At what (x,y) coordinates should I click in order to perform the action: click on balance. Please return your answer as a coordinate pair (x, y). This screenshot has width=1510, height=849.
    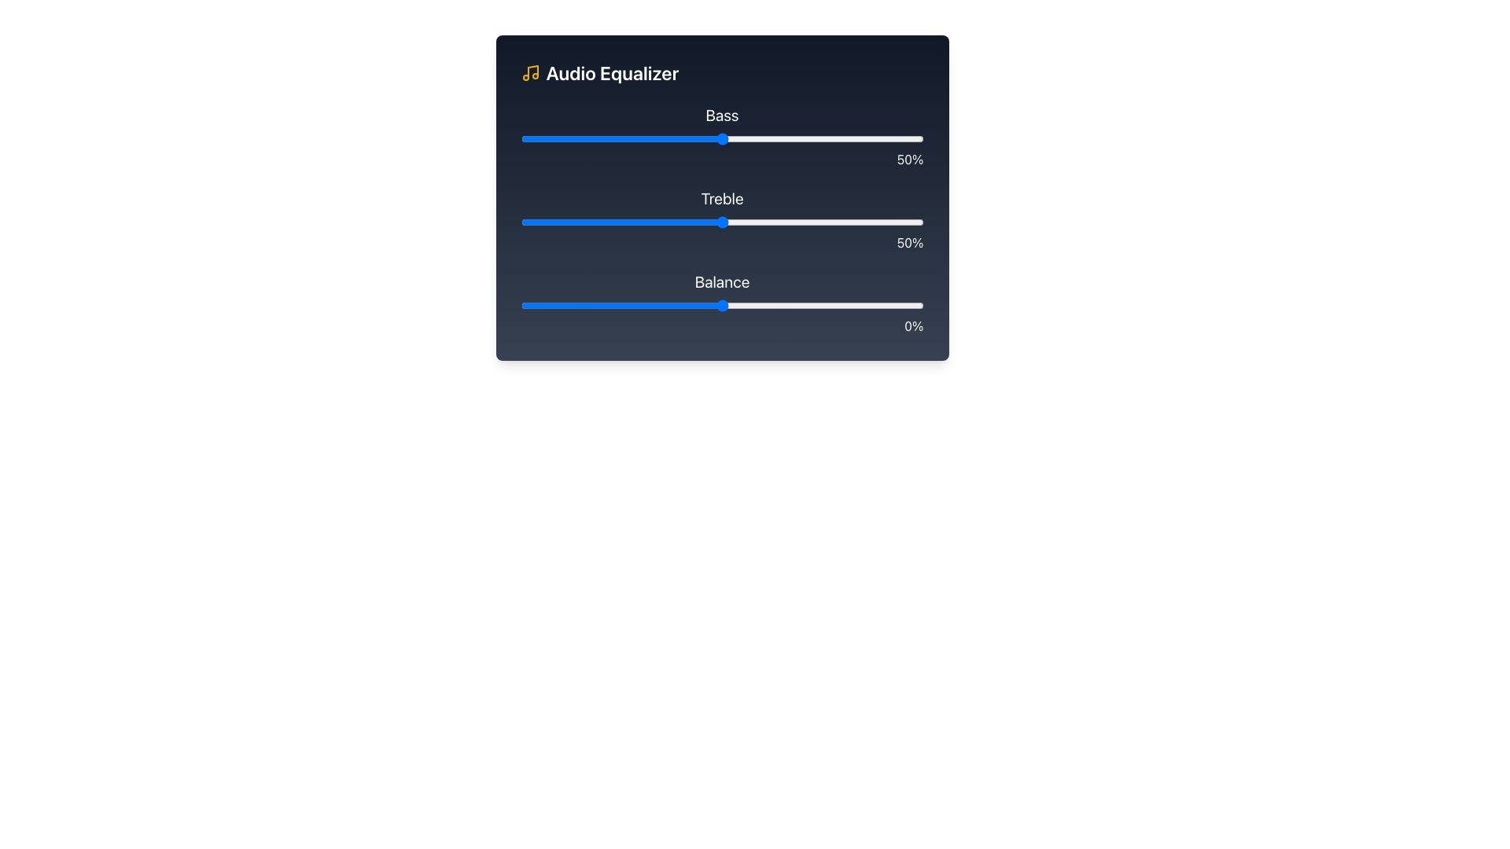
    Looking at the image, I should click on (713, 306).